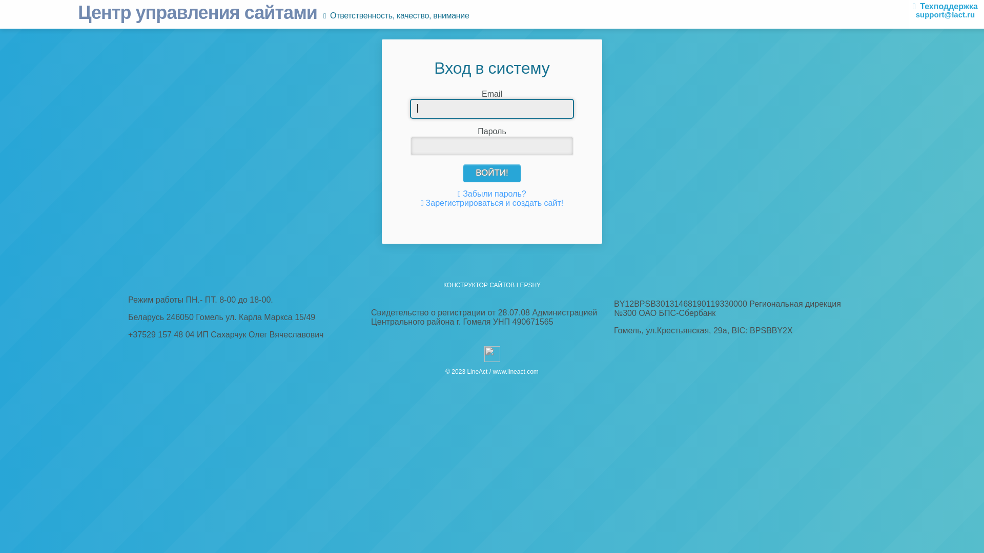  What do you see at coordinates (502, 371) in the screenshot?
I see `'LineAct / www.lineact.com'` at bounding box center [502, 371].